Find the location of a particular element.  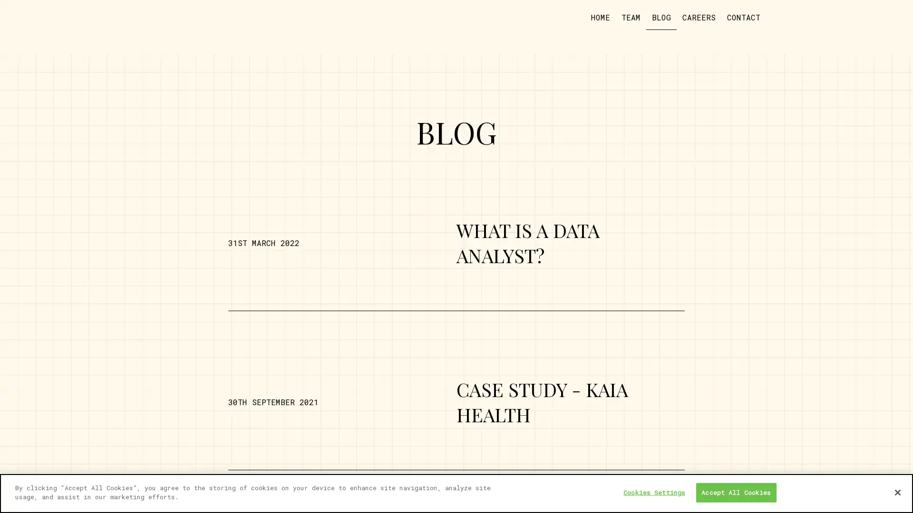

Cookies Settings is located at coordinates (654, 492).